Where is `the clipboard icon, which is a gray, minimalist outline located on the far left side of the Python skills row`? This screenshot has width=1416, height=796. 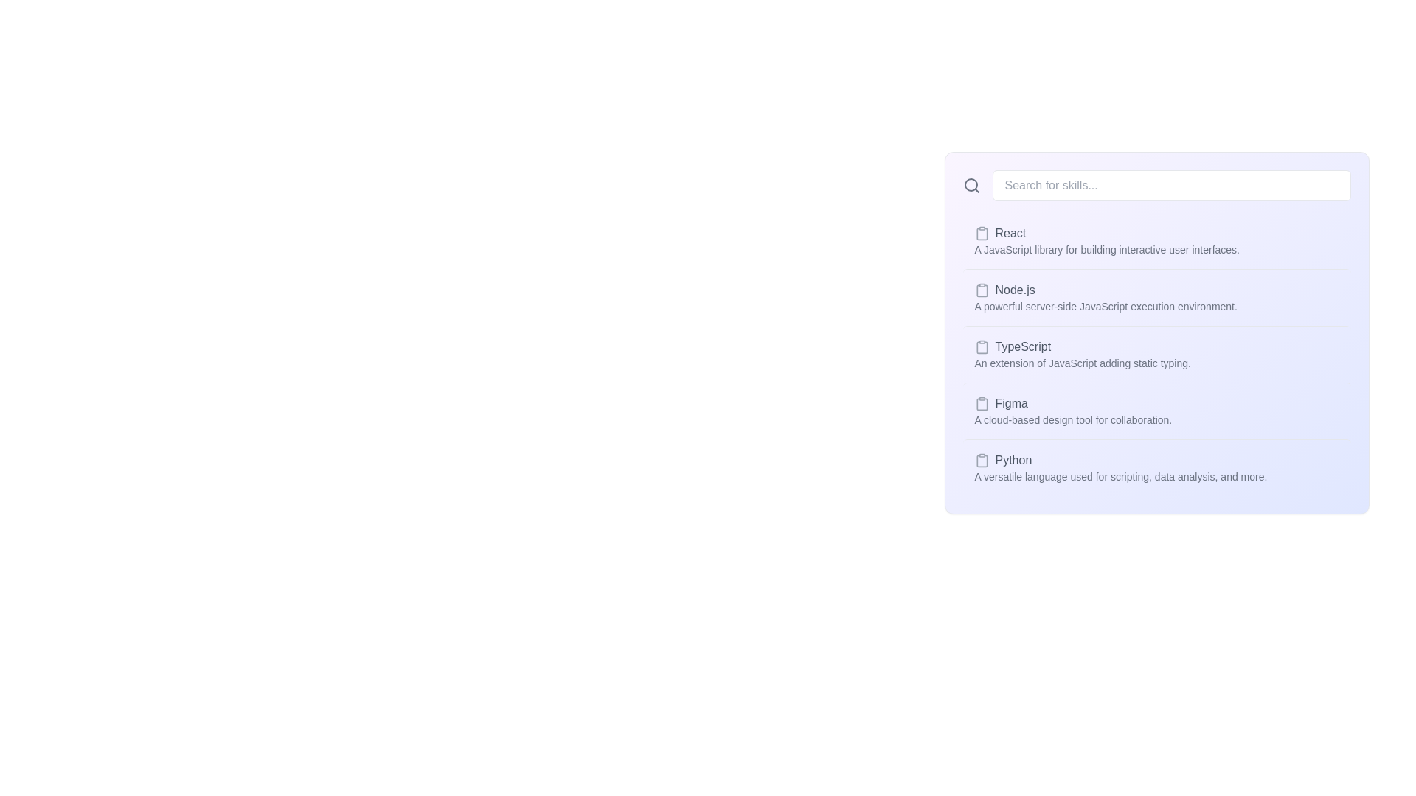
the clipboard icon, which is a gray, minimalist outline located on the far left side of the Python skills row is located at coordinates (982, 459).